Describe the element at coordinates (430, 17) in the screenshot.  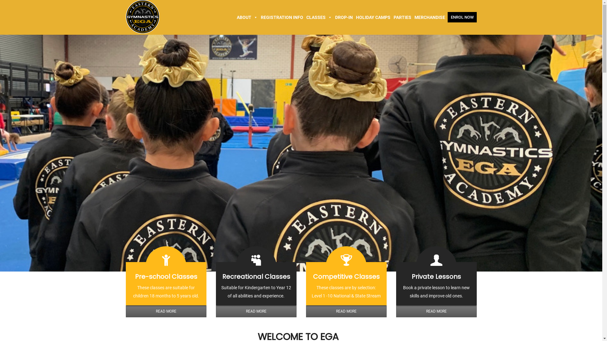
I see `'MERCHANDISE'` at that location.